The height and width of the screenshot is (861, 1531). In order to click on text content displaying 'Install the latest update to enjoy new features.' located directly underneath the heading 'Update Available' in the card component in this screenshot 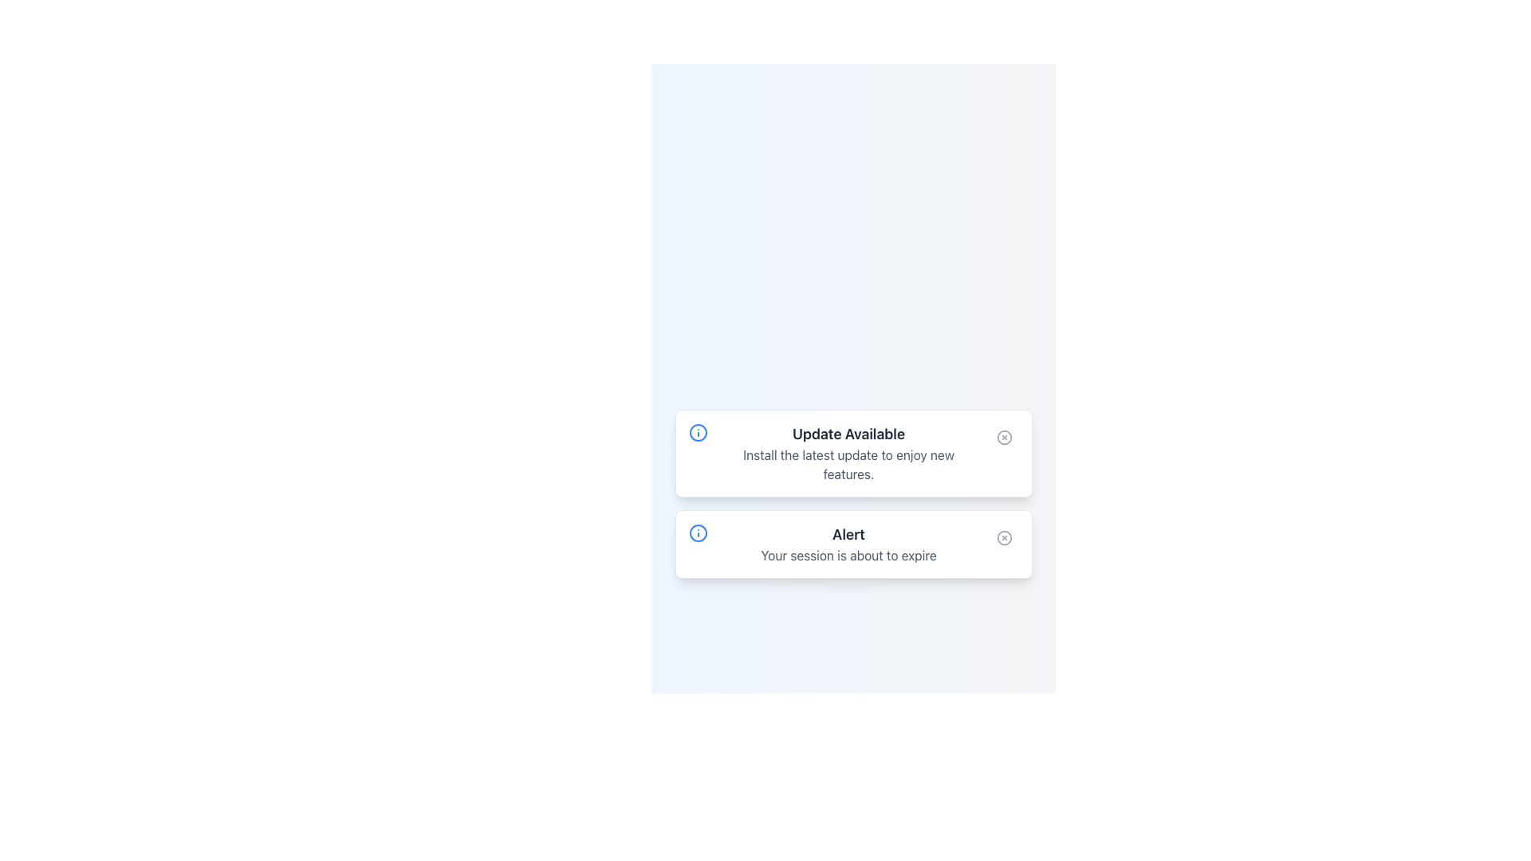, I will do `click(848, 464)`.